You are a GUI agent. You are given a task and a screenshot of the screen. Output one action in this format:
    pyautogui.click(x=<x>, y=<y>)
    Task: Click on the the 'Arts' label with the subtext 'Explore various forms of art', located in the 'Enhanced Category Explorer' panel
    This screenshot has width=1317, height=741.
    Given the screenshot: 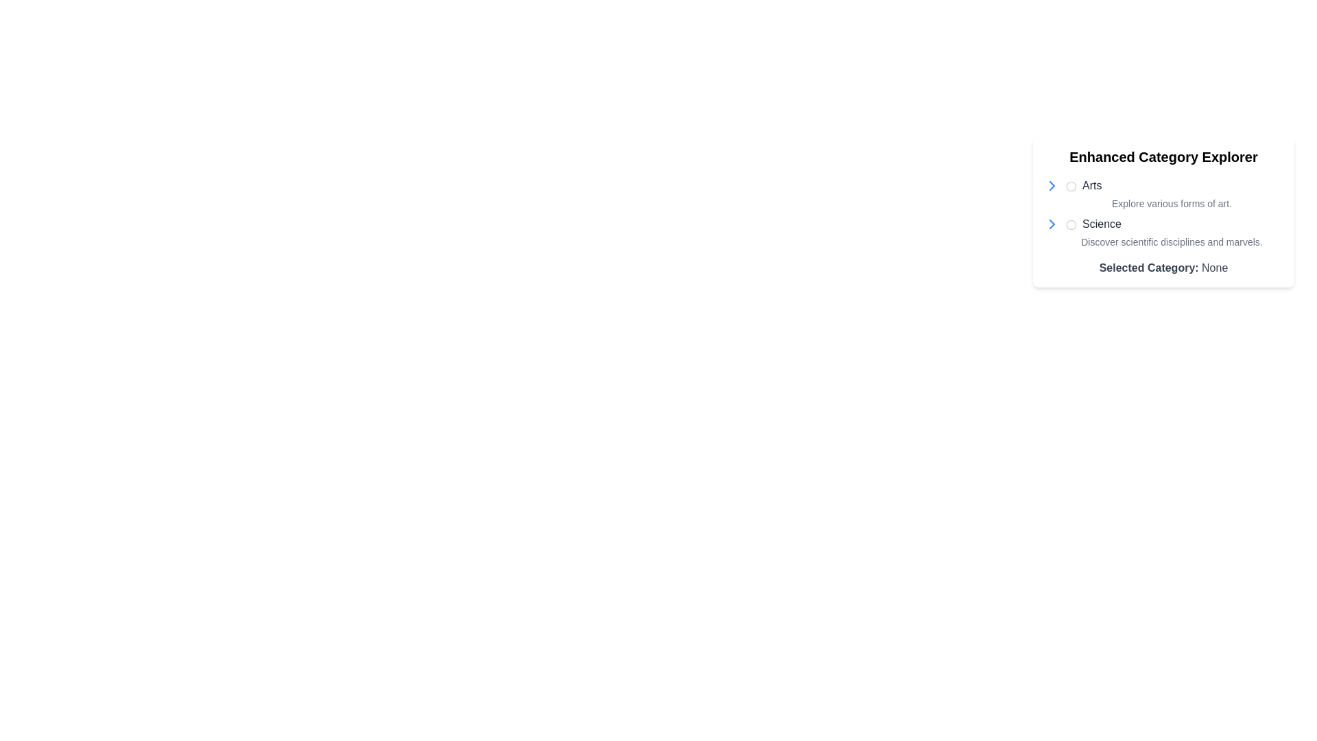 What is the action you would take?
    pyautogui.click(x=1163, y=193)
    